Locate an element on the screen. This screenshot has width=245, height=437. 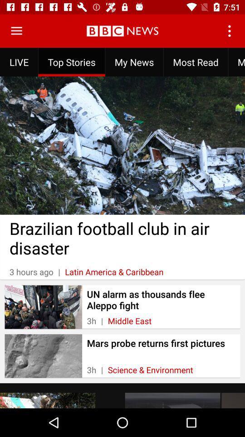
menu button is located at coordinates (16, 31).